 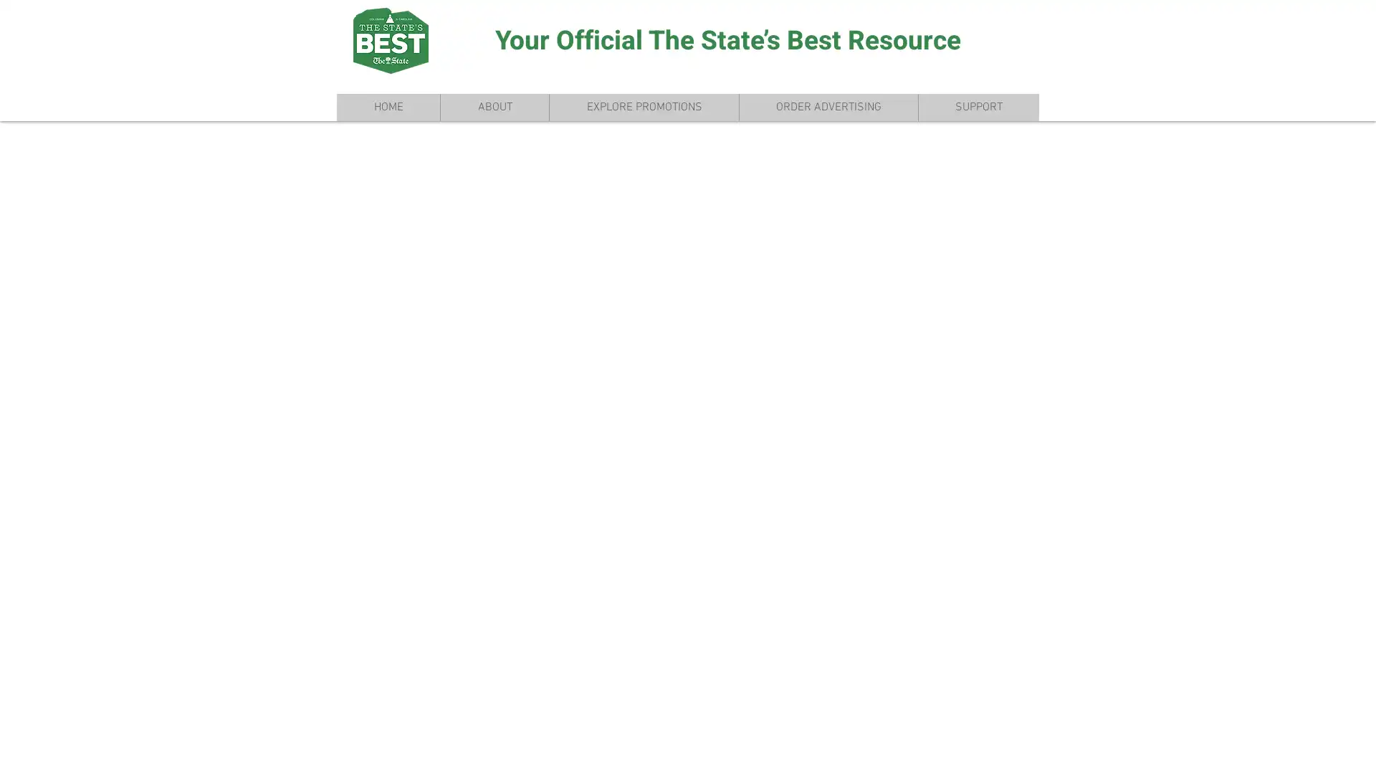 I want to click on Accept, so click(x=1311, y=750).